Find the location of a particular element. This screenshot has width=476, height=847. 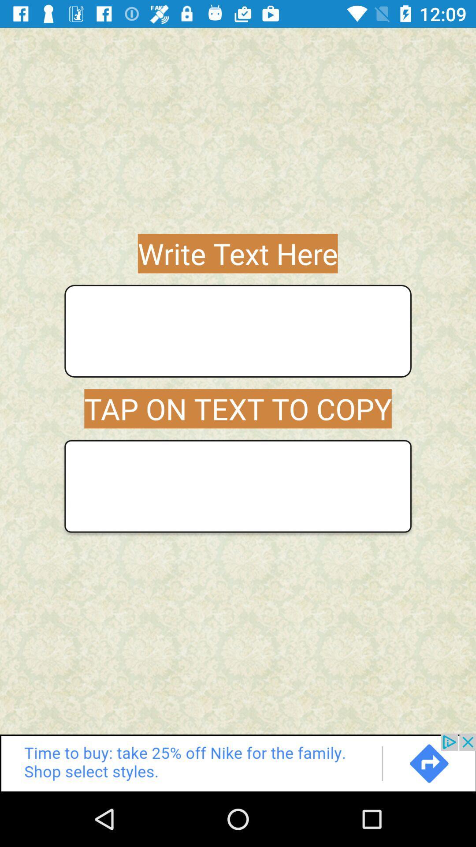

advertisement is located at coordinates (238, 762).